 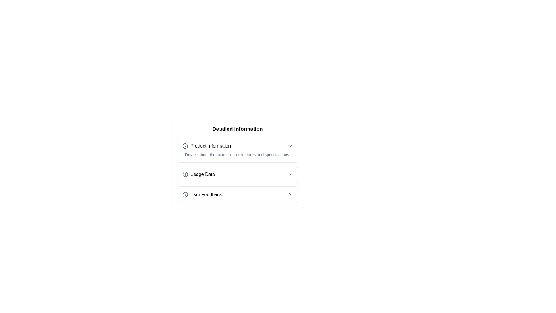 What do you see at coordinates (290, 174) in the screenshot?
I see `the rightward chevron arrow icon within the 'User Feedback' entry, which indicates that this entry can be clicked for further details` at bounding box center [290, 174].